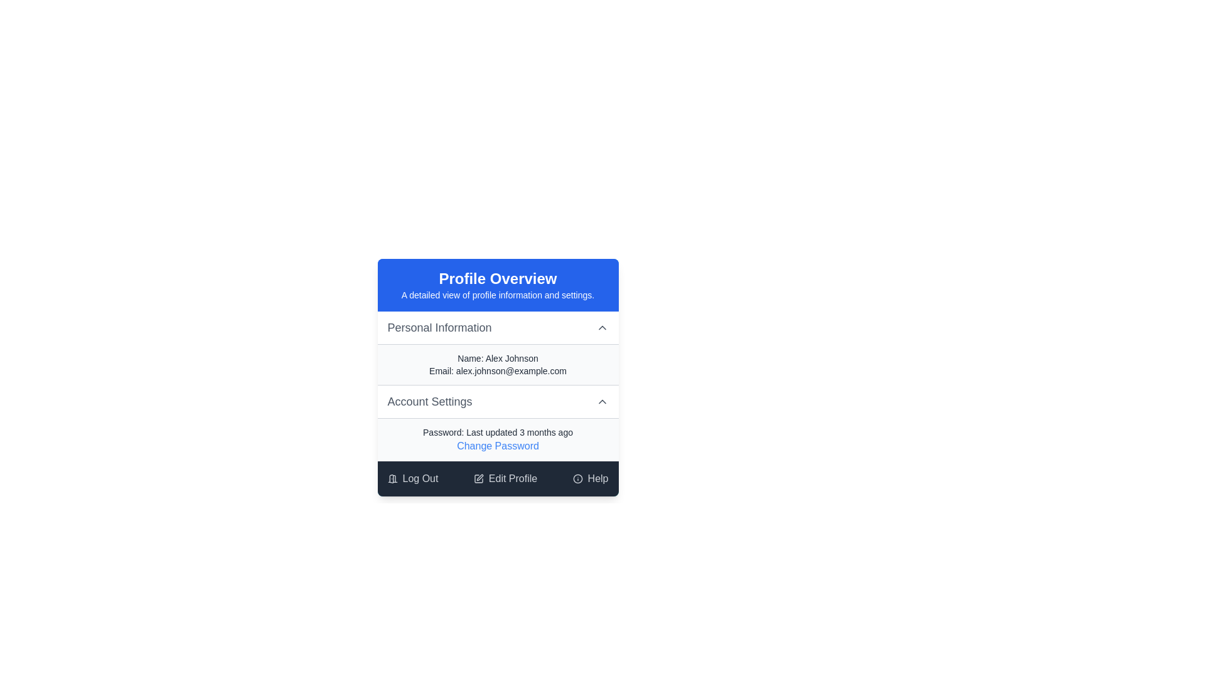 The image size is (1205, 677). I want to click on the 'Account Settings' label, which is styled in a large, bold font and is positioned prominently within the 'Profile Overview' section, so click(430, 401).